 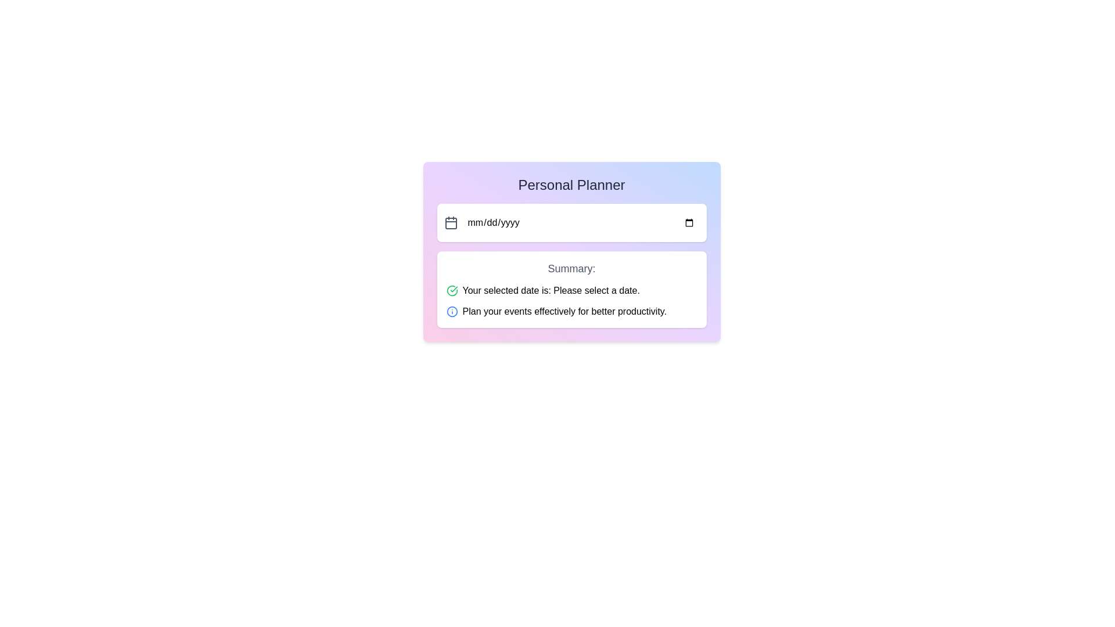 I want to click on text message displaying 'Your selected date is: Please select a date.' located in the 'Summary' section of the panel, above the message 'Plan your events effectively for better productivity.', so click(x=571, y=290).